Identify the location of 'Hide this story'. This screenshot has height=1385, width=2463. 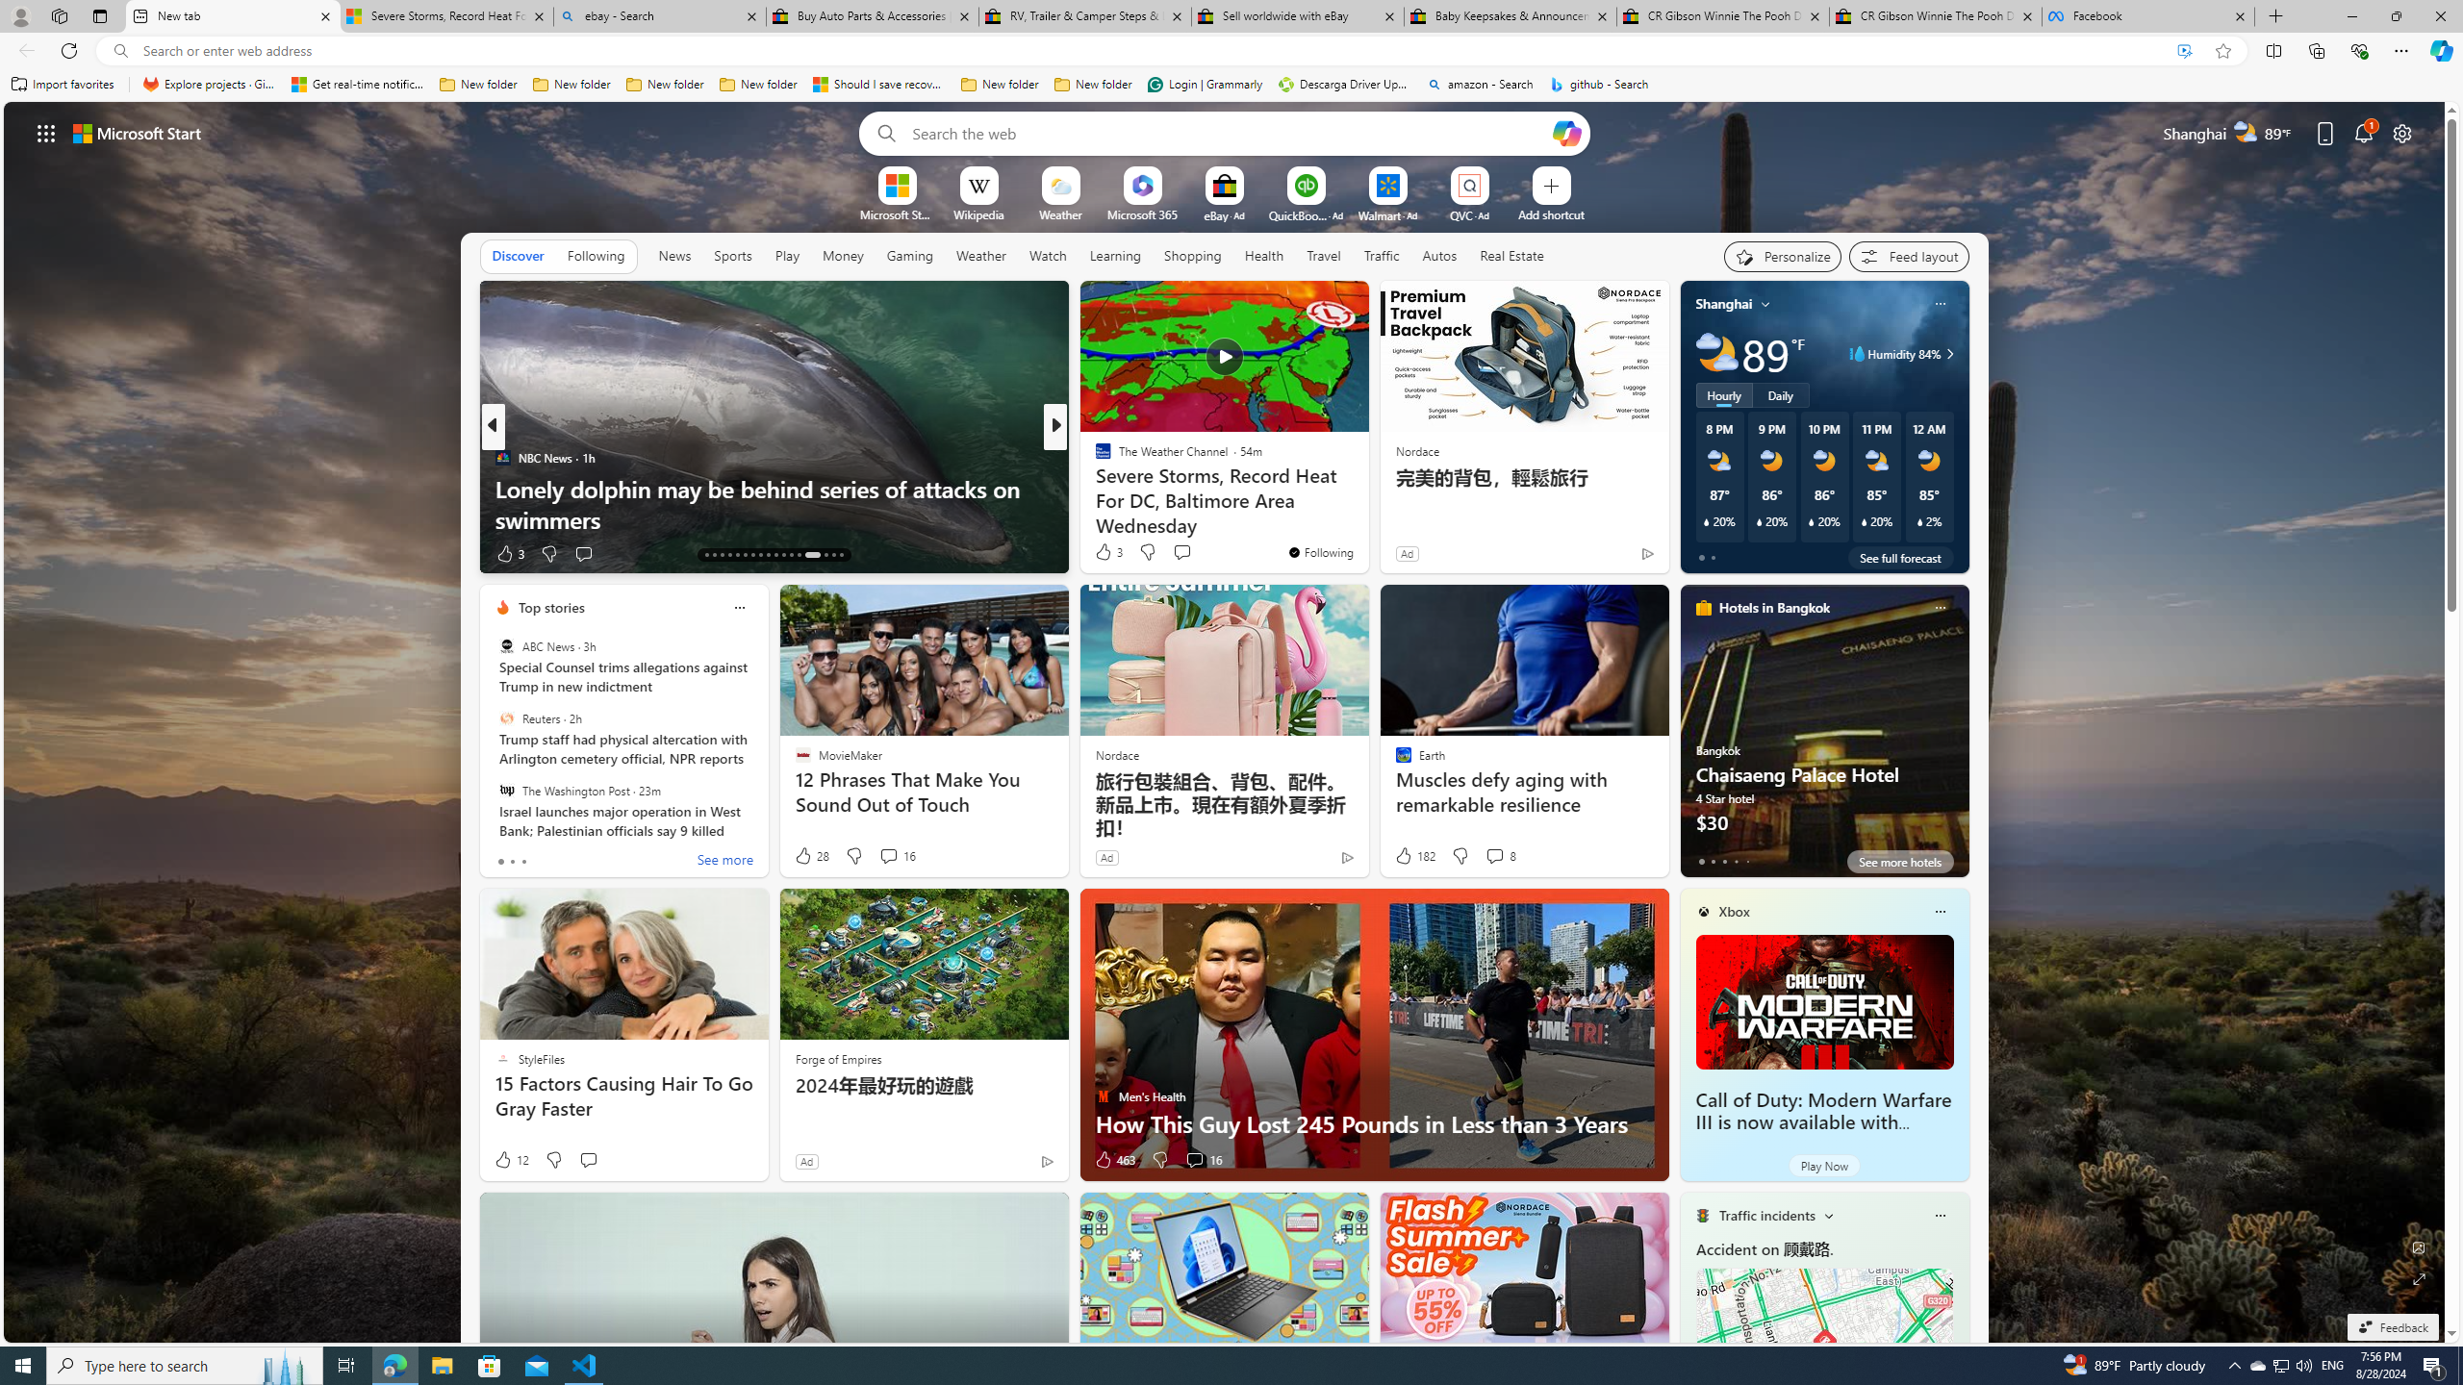
(1310, 303).